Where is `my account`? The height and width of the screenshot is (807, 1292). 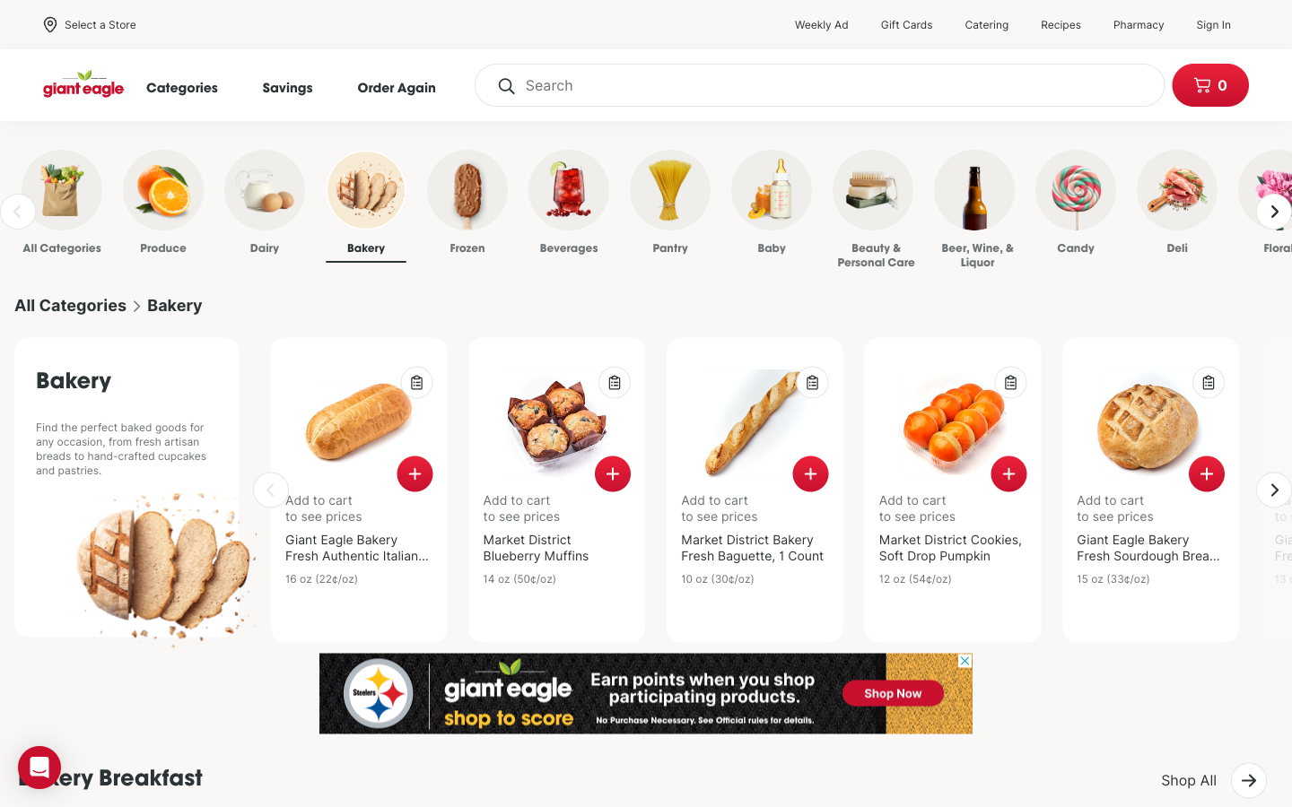
my account is located at coordinates (1221, 23).